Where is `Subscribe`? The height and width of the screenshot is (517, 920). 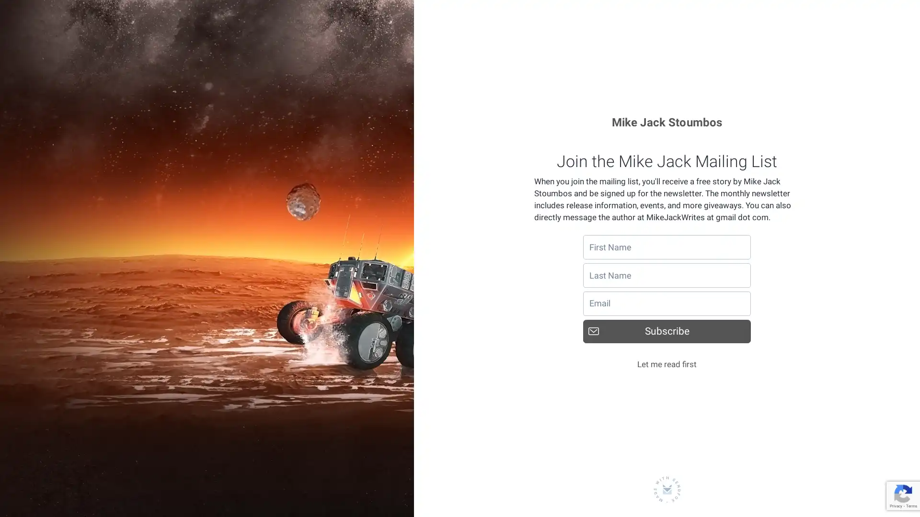 Subscribe is located at coordinates (667, 330).